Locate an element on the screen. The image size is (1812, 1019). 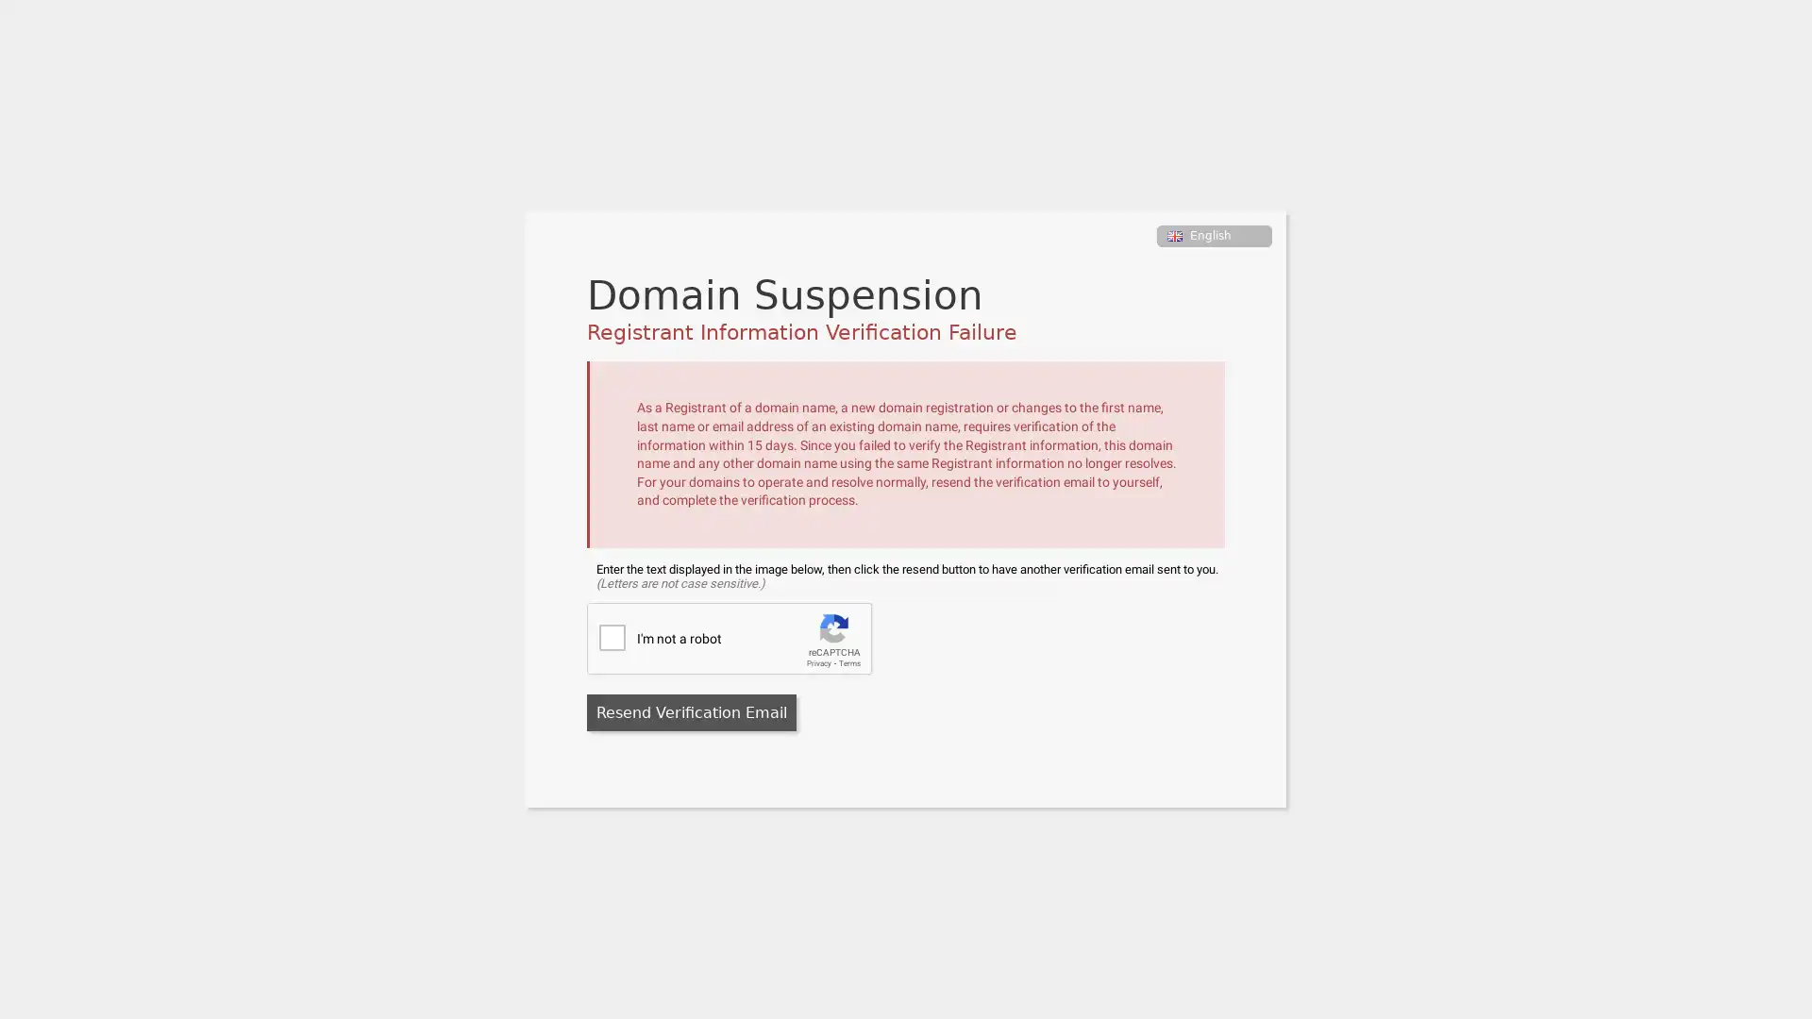
Resend Verification Email is located at coordinates (691, 711).